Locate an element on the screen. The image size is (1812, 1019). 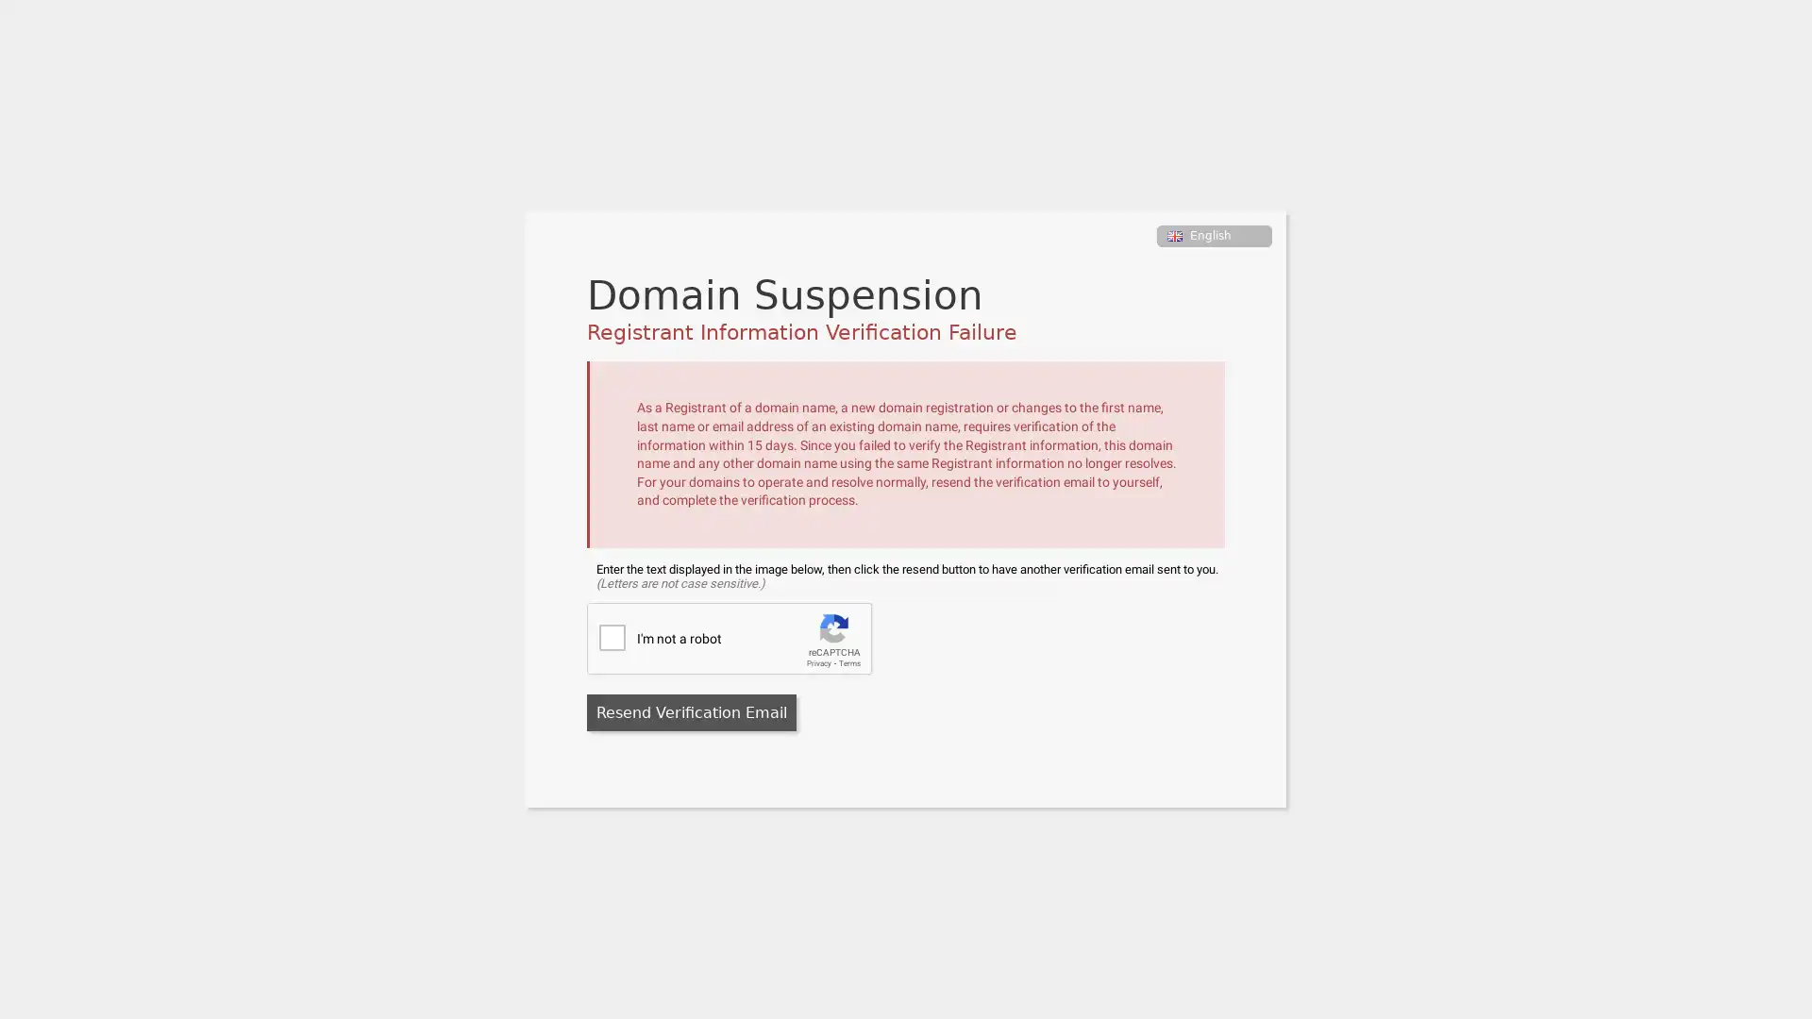
Resend Verification Email is located at coordinates (691, 711).